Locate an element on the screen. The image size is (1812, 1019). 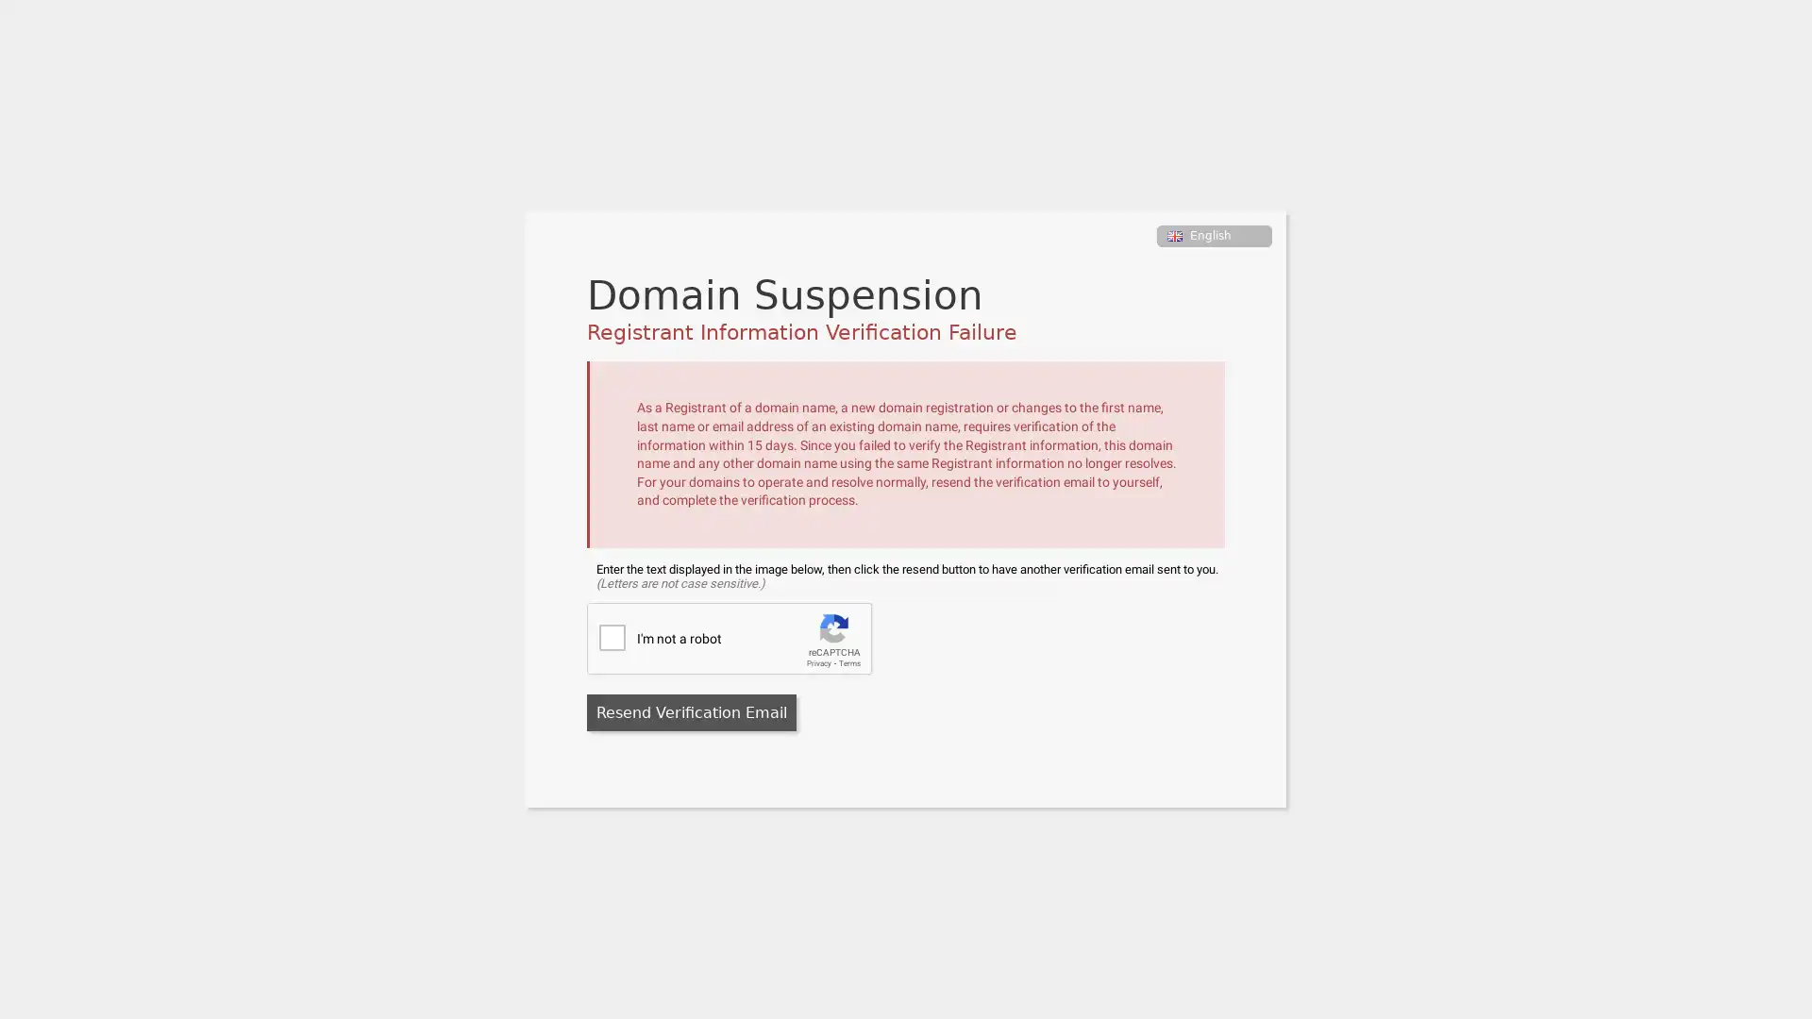
Resend Verification Email is located at coordinates (691, 711).